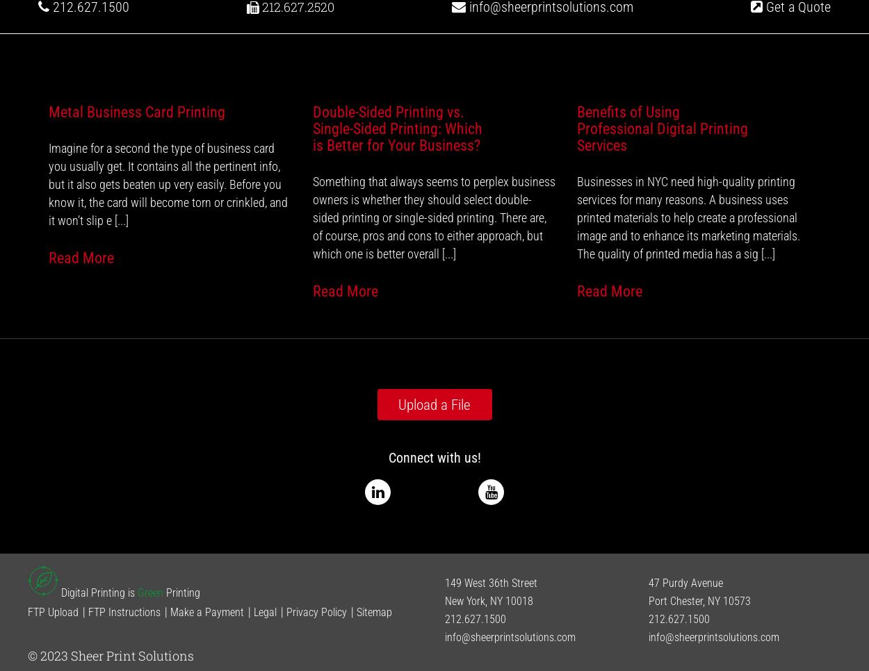 This screenshot has height=671, width=869. I want to click on 'Imagine for a second the type of business card you usually get. It contains all the pertinent info, but it also gets beaten up very easily. Before you know it, the card will become torn or crinkled, and it won’t slip e [...]', so click(168, 184).